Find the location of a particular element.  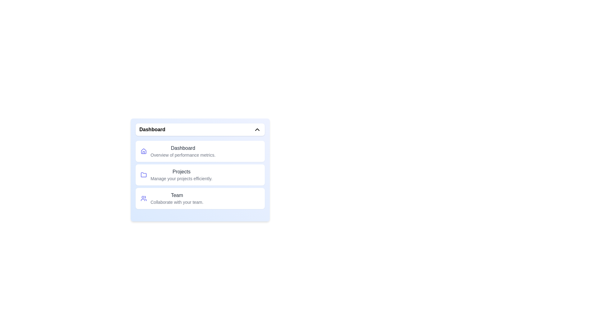

the menu option Projects from the dropdown is located at coordinates (200, 175).